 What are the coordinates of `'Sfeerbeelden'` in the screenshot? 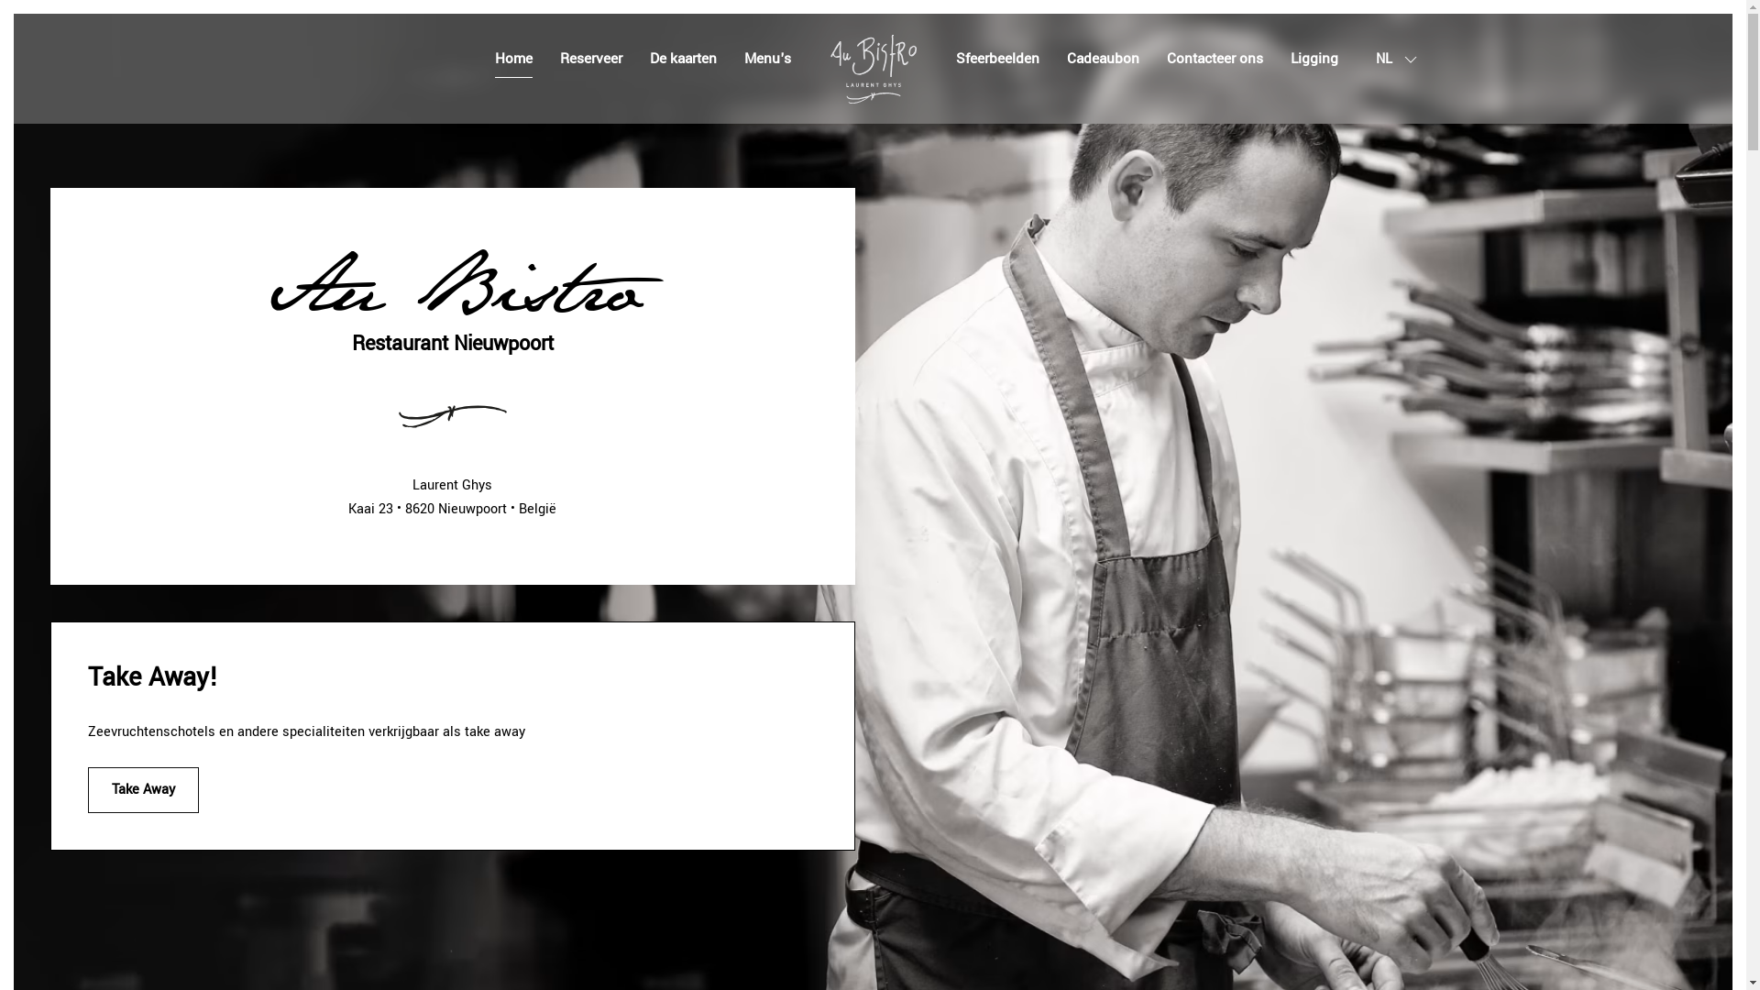 It's located at (995, 59).